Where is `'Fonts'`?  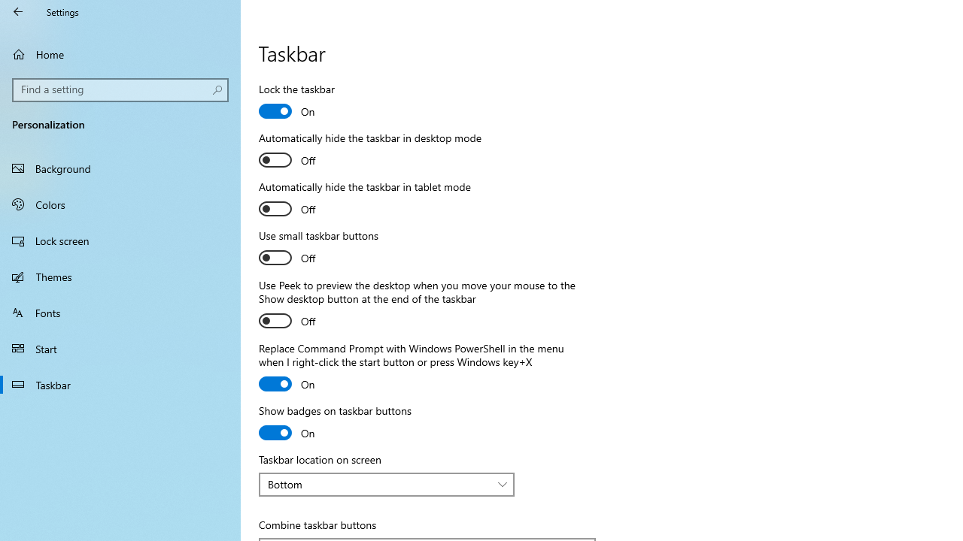 'Fonts' is located at coordinates (120, 311).